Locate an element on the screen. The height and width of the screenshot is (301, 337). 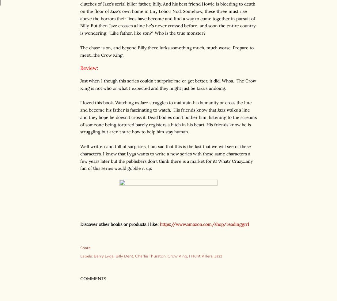
'Share' is located at coordinates (85, 247).